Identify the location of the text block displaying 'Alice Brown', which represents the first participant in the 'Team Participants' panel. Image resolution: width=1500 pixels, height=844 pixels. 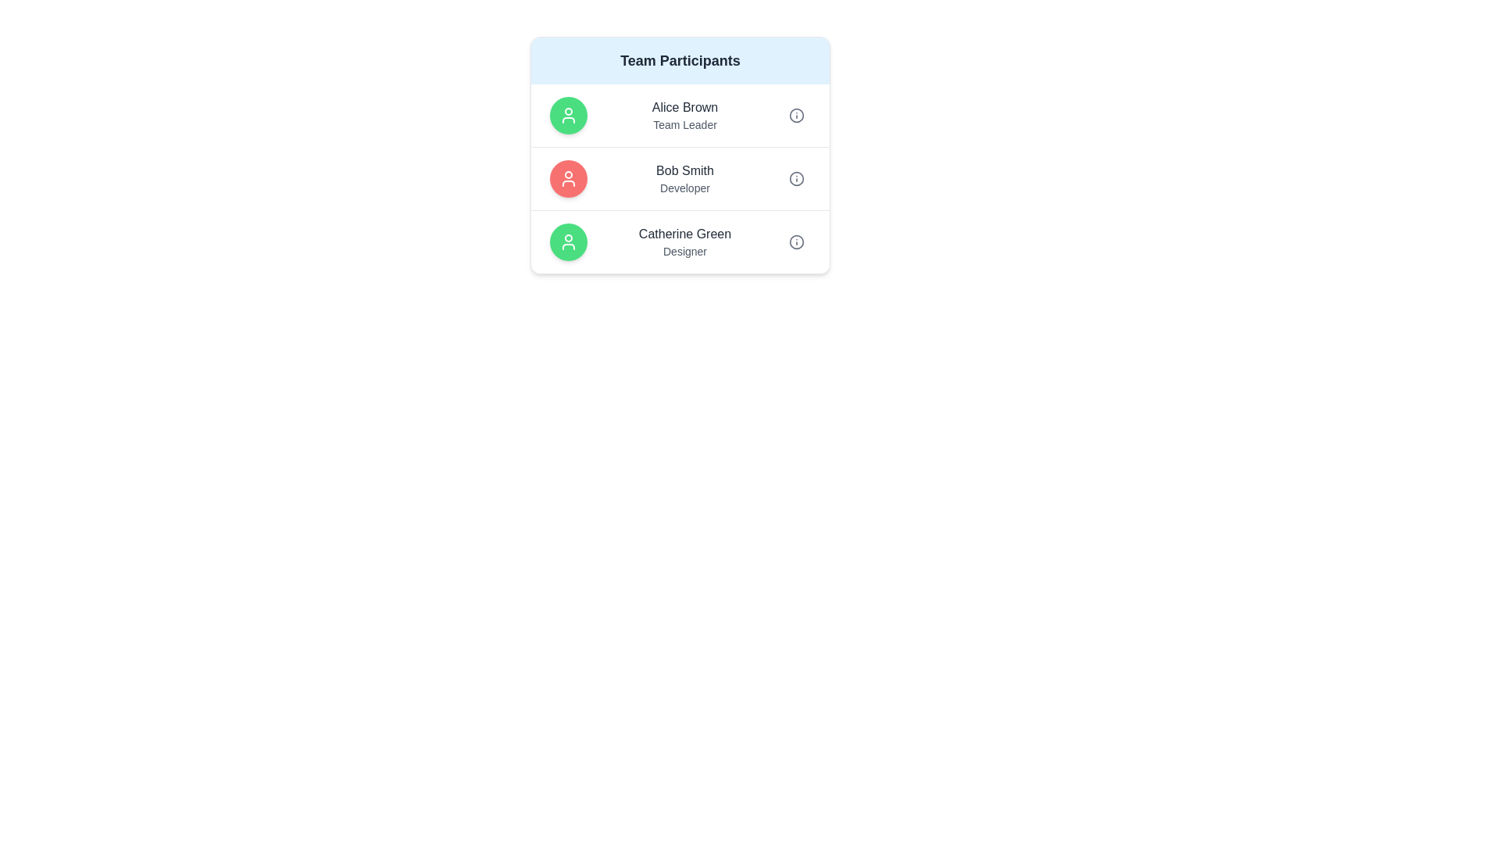
(685, 114).